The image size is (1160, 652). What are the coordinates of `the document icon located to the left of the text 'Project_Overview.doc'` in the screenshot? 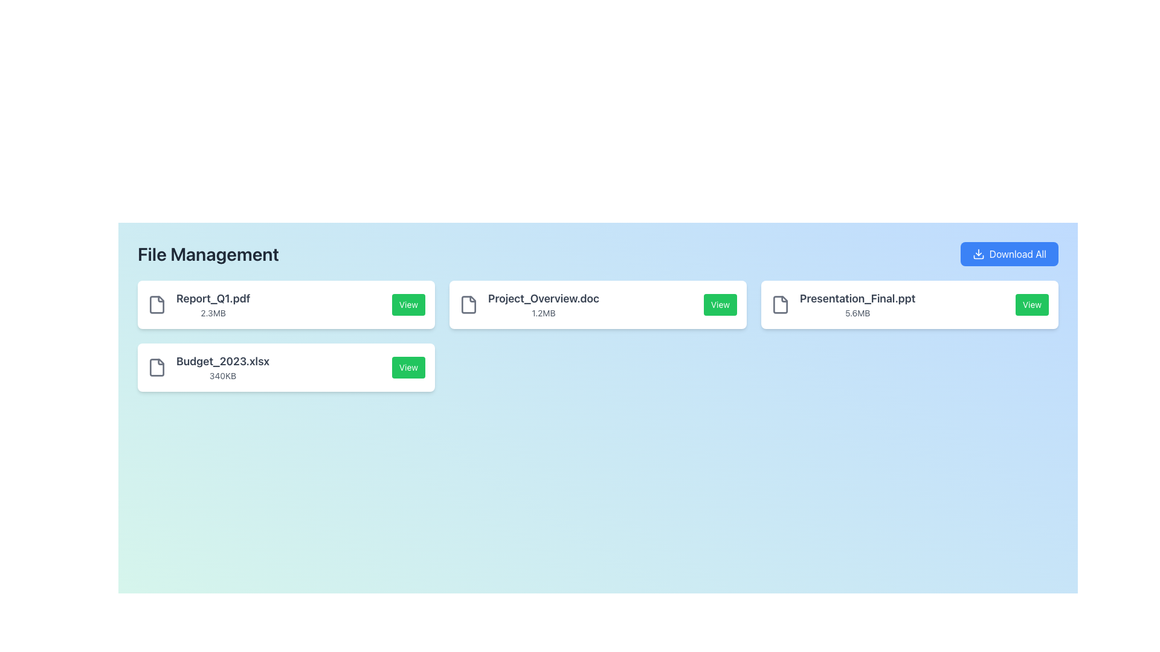 It's located at (468, 304).